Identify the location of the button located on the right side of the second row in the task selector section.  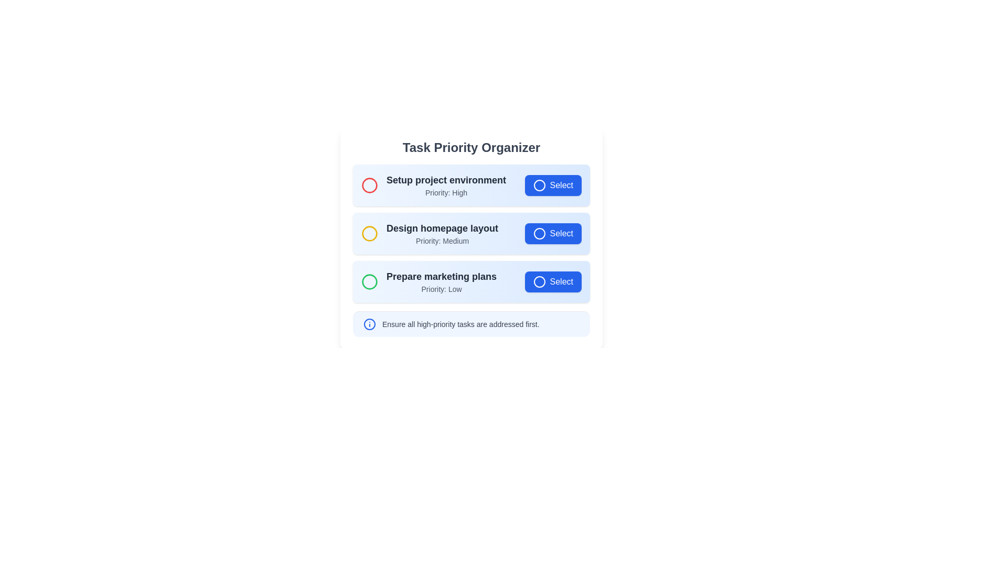
(539, 233).